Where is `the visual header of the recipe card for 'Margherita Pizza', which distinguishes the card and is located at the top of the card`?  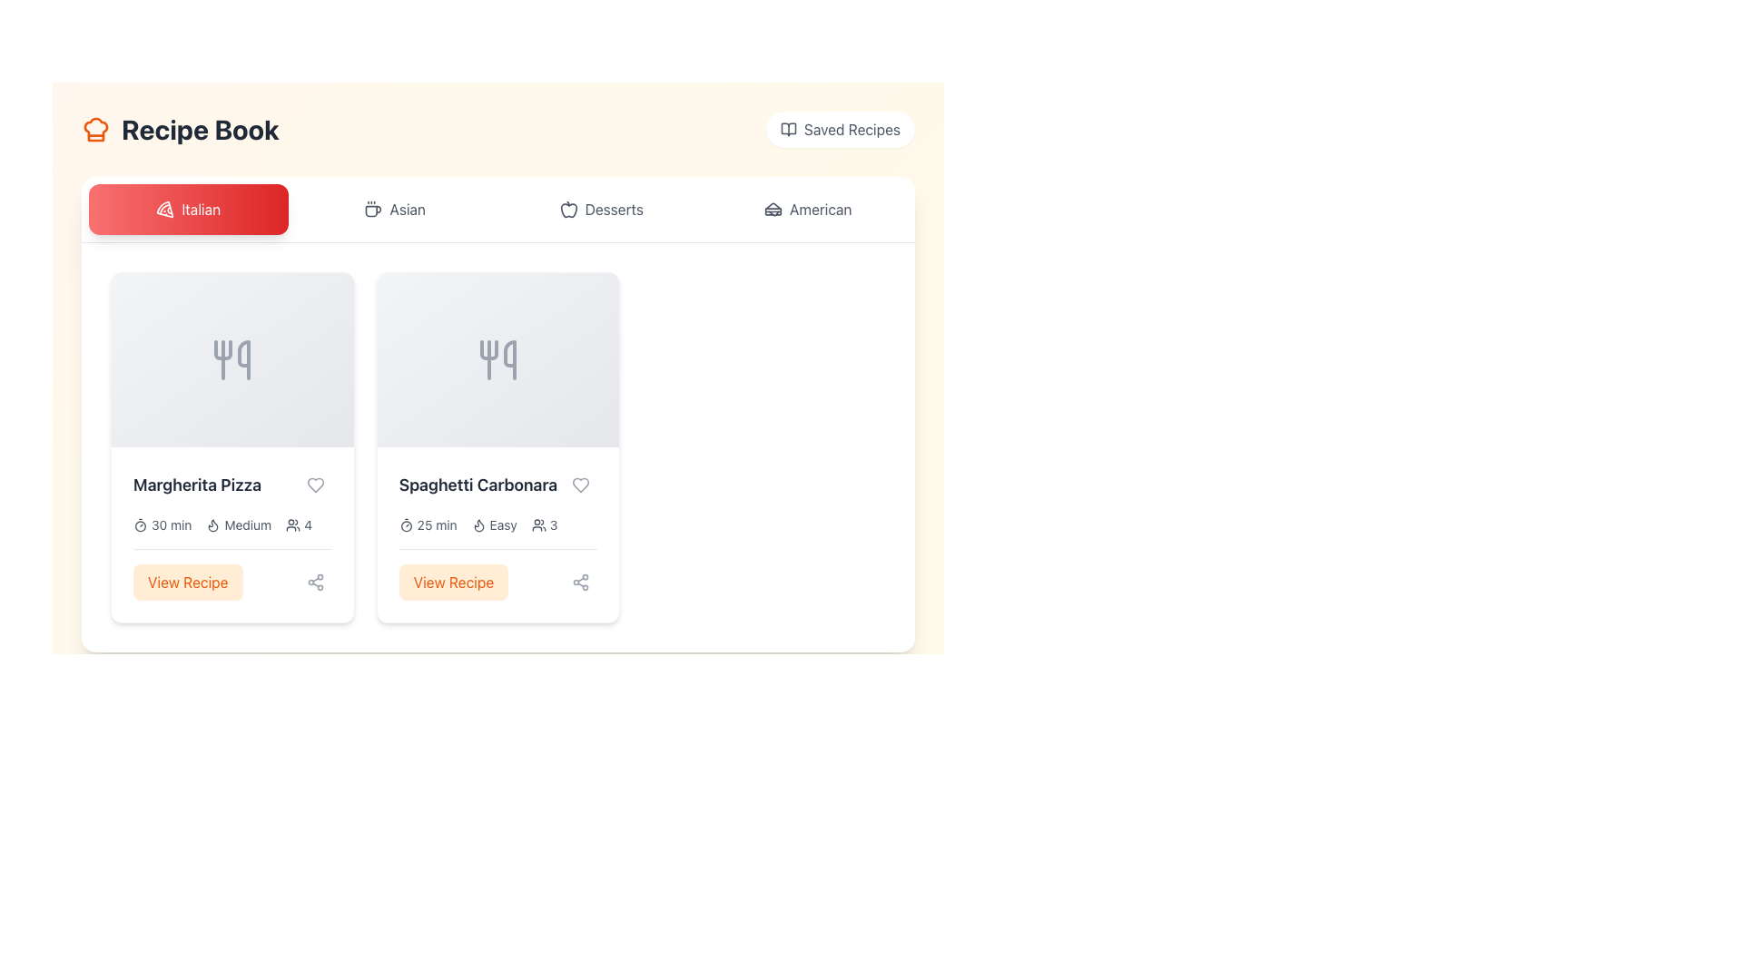
the visual header of the recipe card for 'Margherita Pizza', which distinguishes the card and is located at the top of the card is located at coordinates (231, 360).